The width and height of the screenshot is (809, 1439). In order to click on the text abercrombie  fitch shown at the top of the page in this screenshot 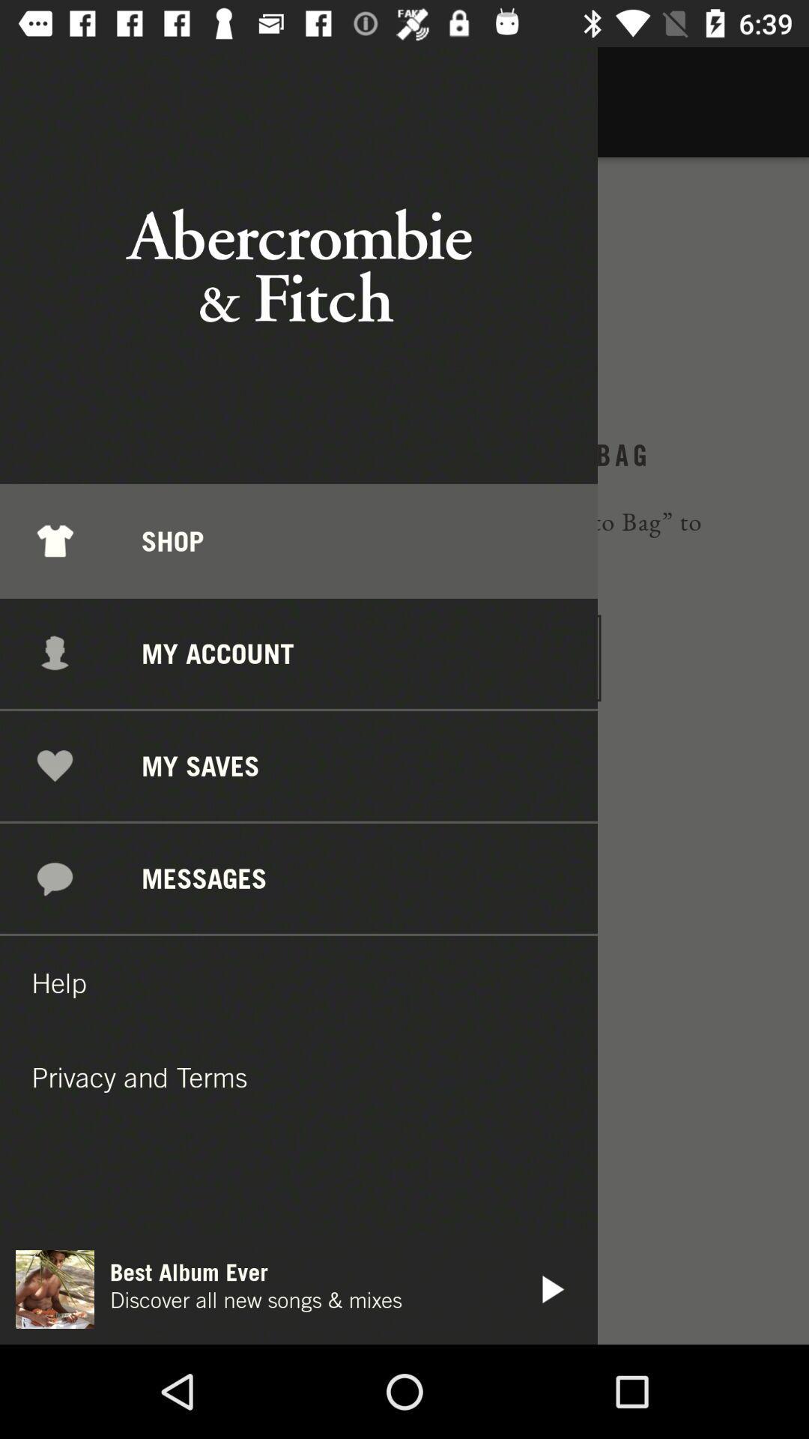, I will do `click(298, 265)`.